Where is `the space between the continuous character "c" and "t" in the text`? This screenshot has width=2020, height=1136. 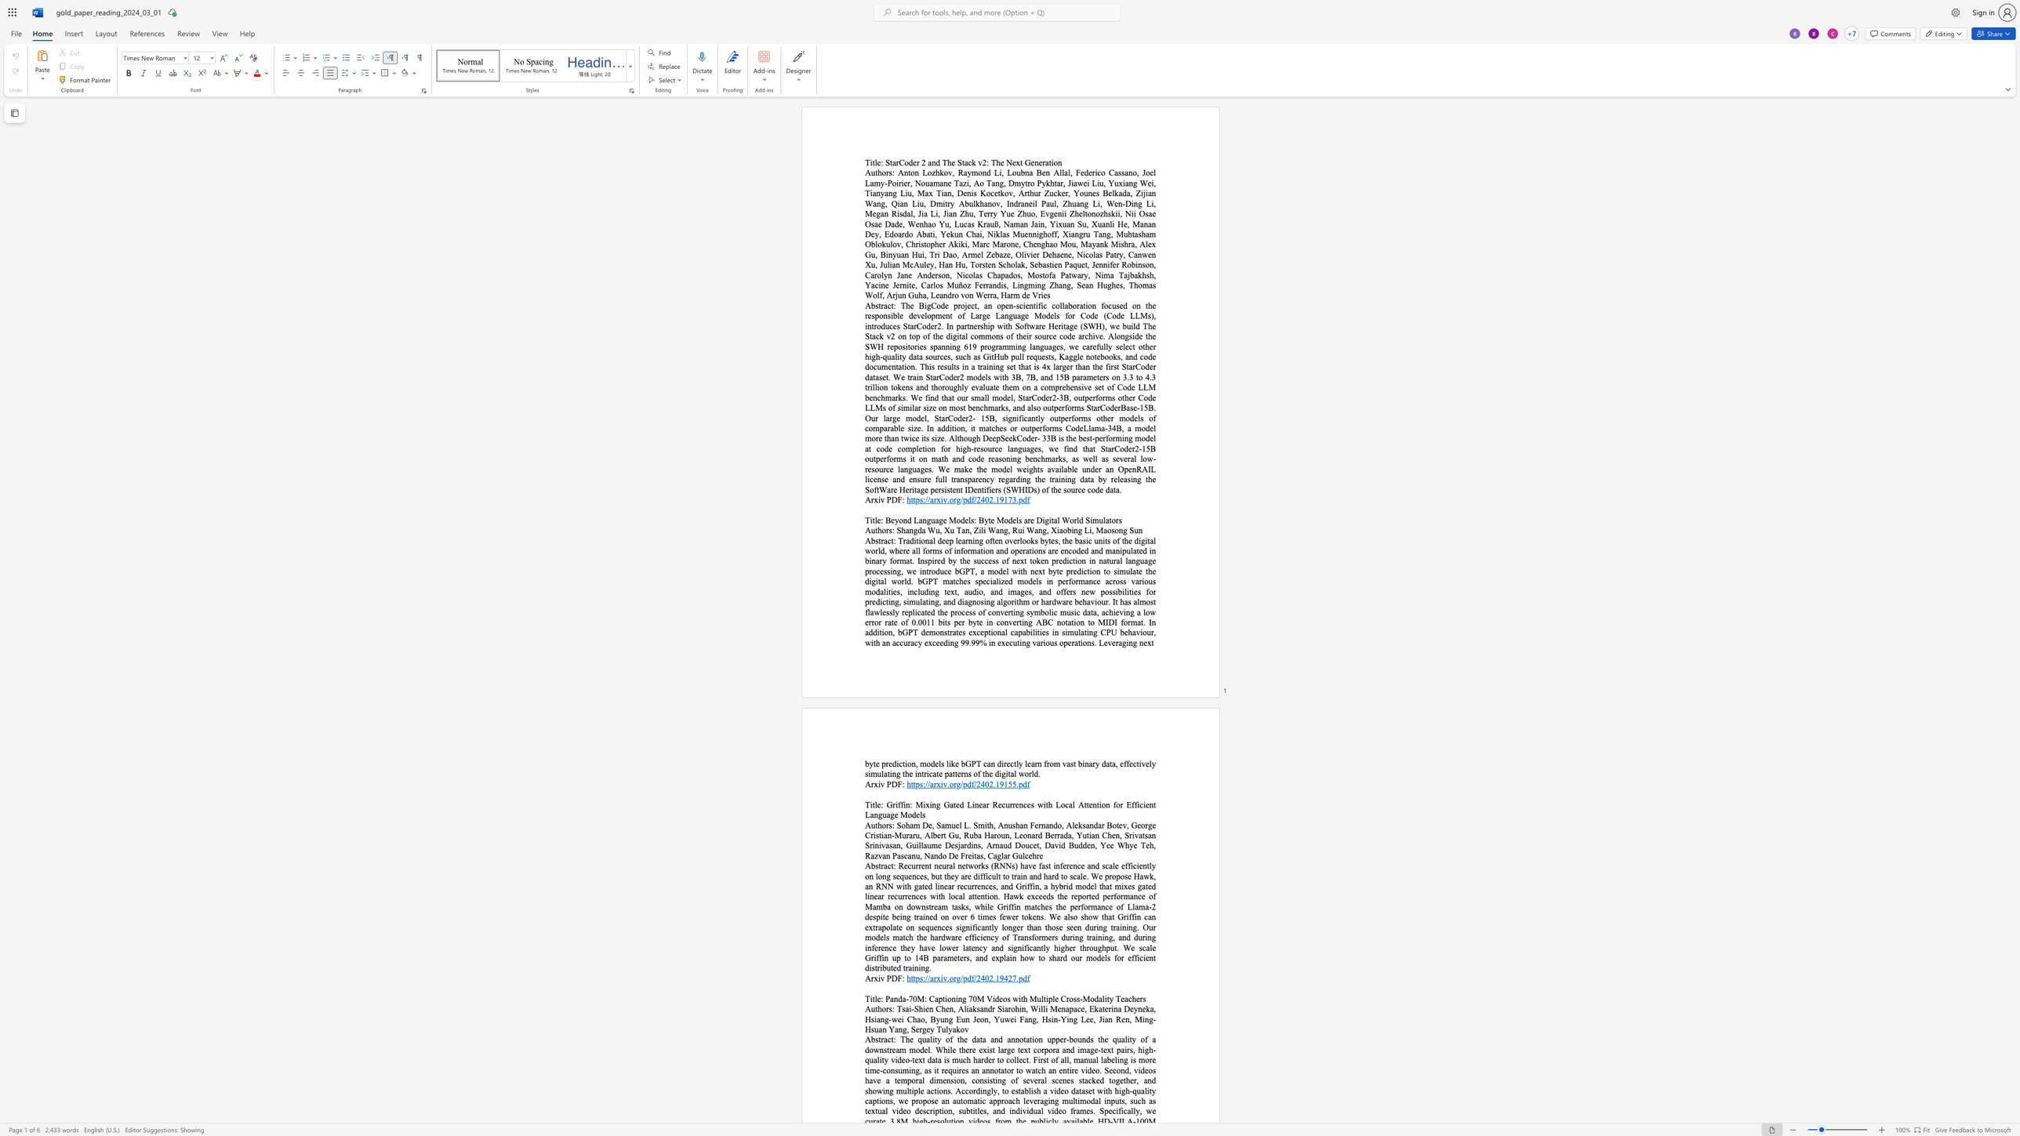 the space between the continuous character "c" and "t" in the text is located at coordinates (889, 540).